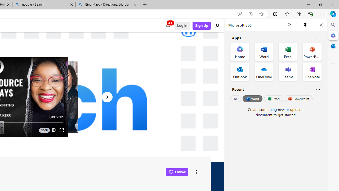 This screenshot has width=339, height=191. What do you see at coordinates (264, 52) in the screenshot?
I see `'Word Office App'` at bounding box center [264, 52].